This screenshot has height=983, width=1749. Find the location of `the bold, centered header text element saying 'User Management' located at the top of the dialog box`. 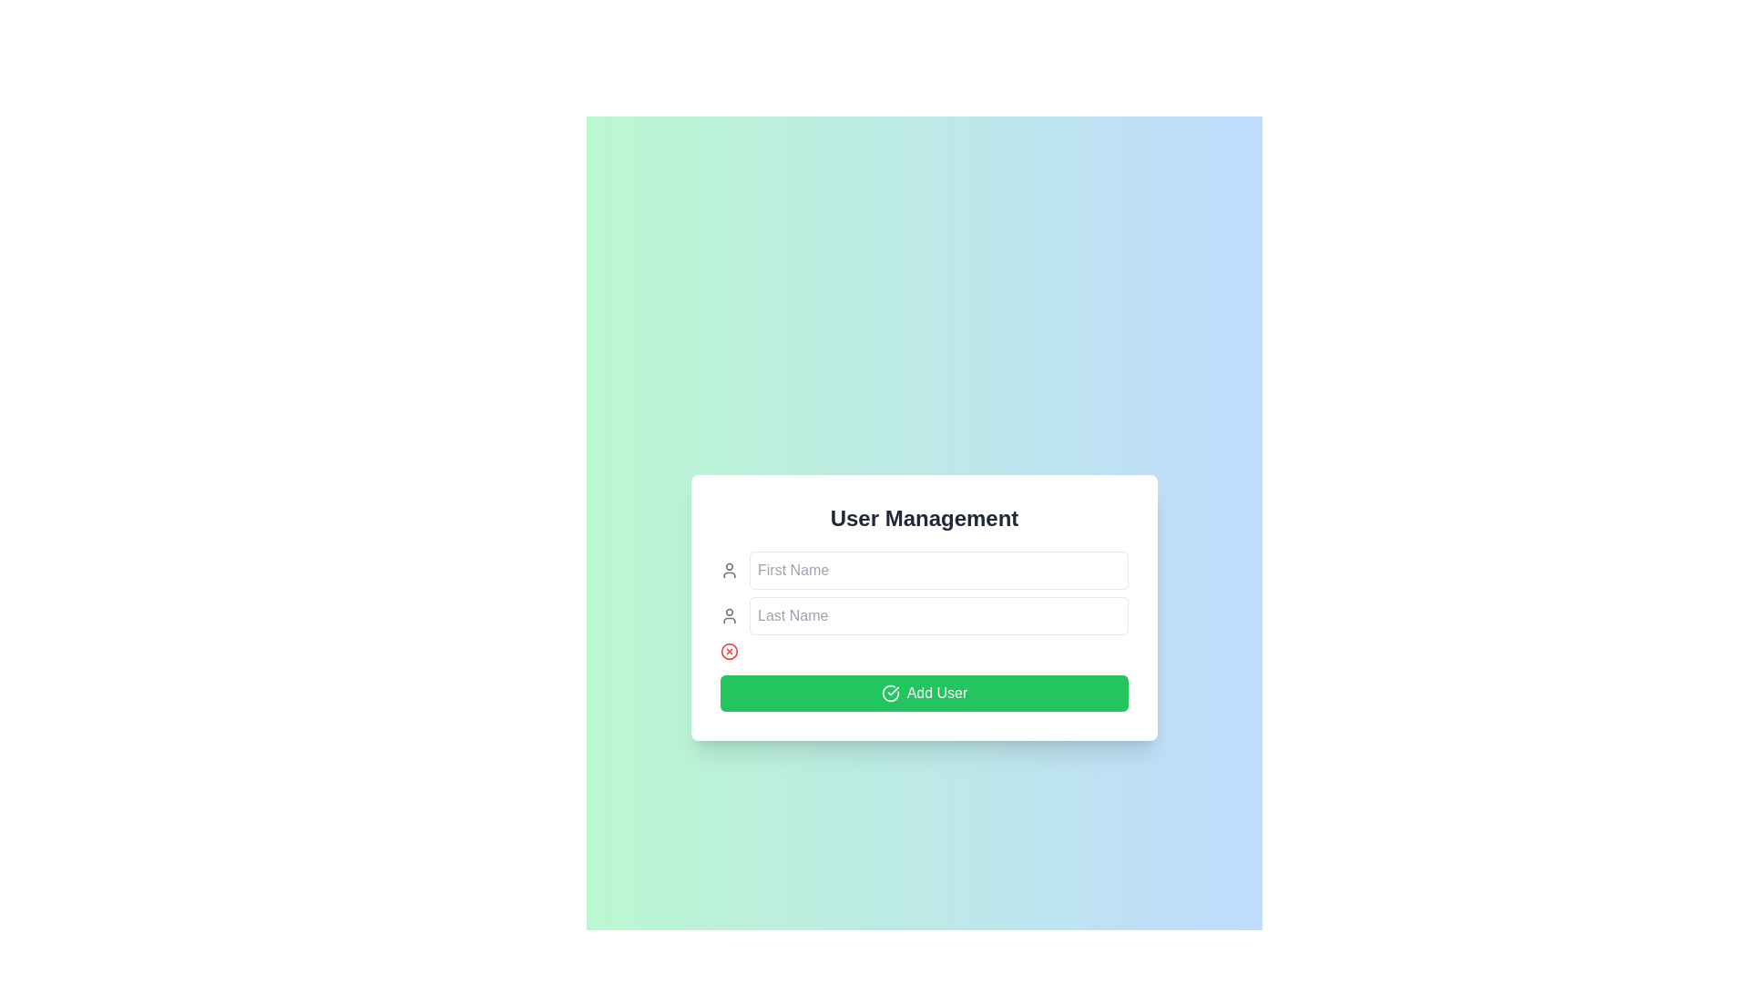

the bold, centered header text element saying 'User Management' located at the top of the dialog box is located at coordinates (924, 519).